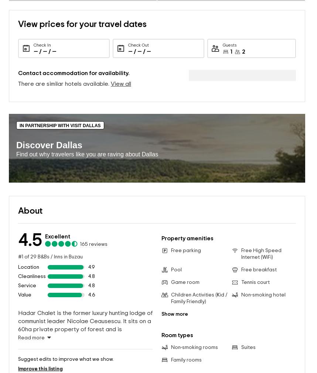  Describe the element at coordinates (187, 226) in the screenshot. I see `'Property amenities'` at that location.